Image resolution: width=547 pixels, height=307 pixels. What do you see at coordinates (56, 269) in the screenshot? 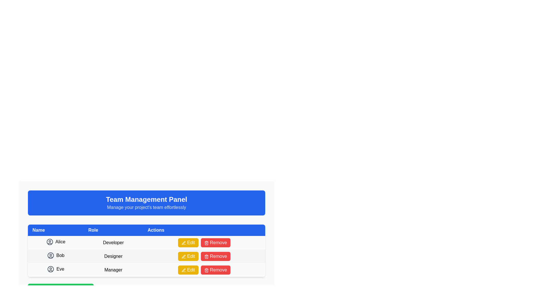
I see `the text 'Eve' which is located in the 'Name' column of the third row of the table, next to the user silhouette icon` at bounding box center [56, 269].